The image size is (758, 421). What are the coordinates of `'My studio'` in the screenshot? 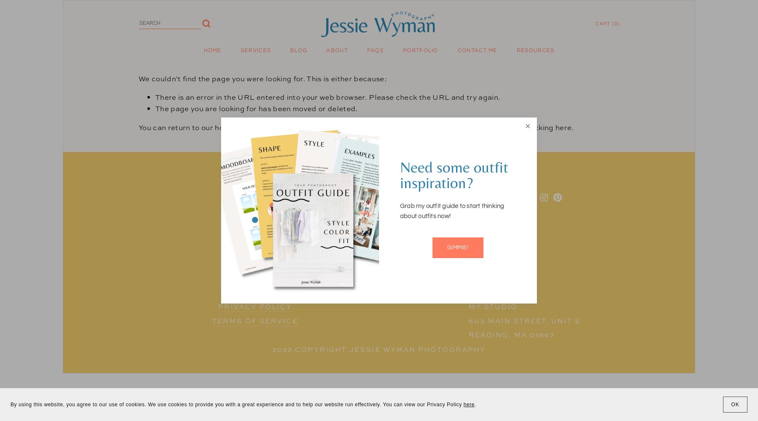 It's located at (492, 306).